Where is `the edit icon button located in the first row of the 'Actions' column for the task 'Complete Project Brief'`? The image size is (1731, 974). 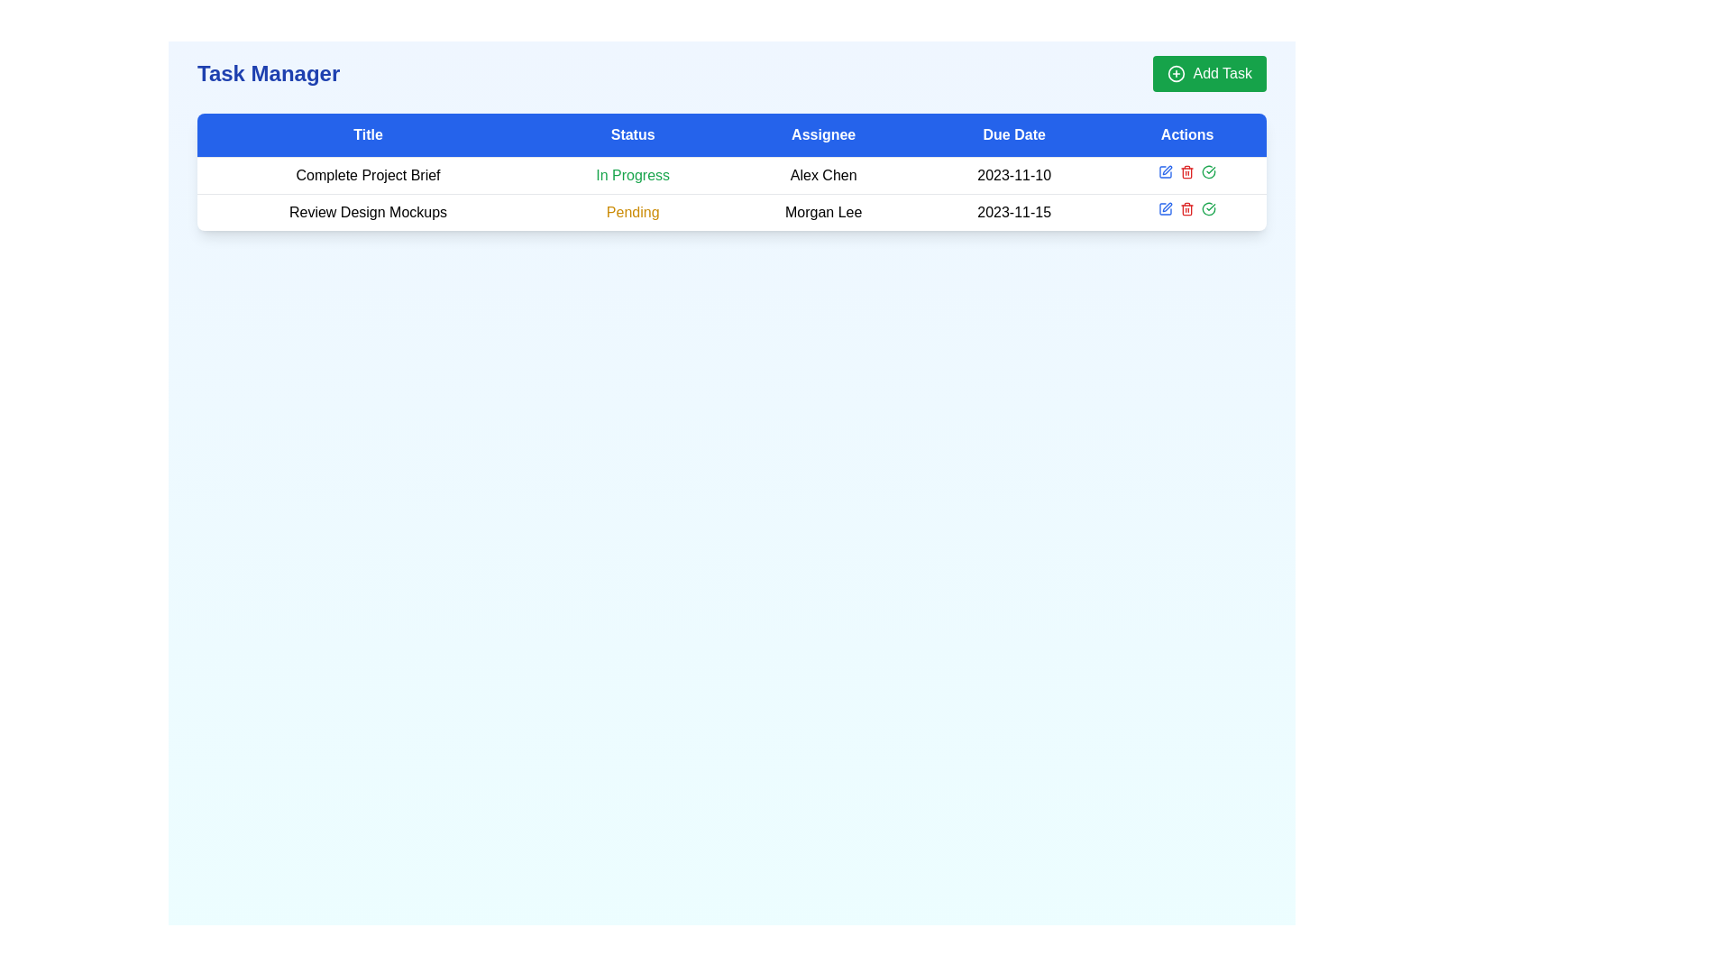 the edit icon button located in the first row of the 'Actions' column for the task 'Complete Project Brief' is located at coordinates (1166, 172).